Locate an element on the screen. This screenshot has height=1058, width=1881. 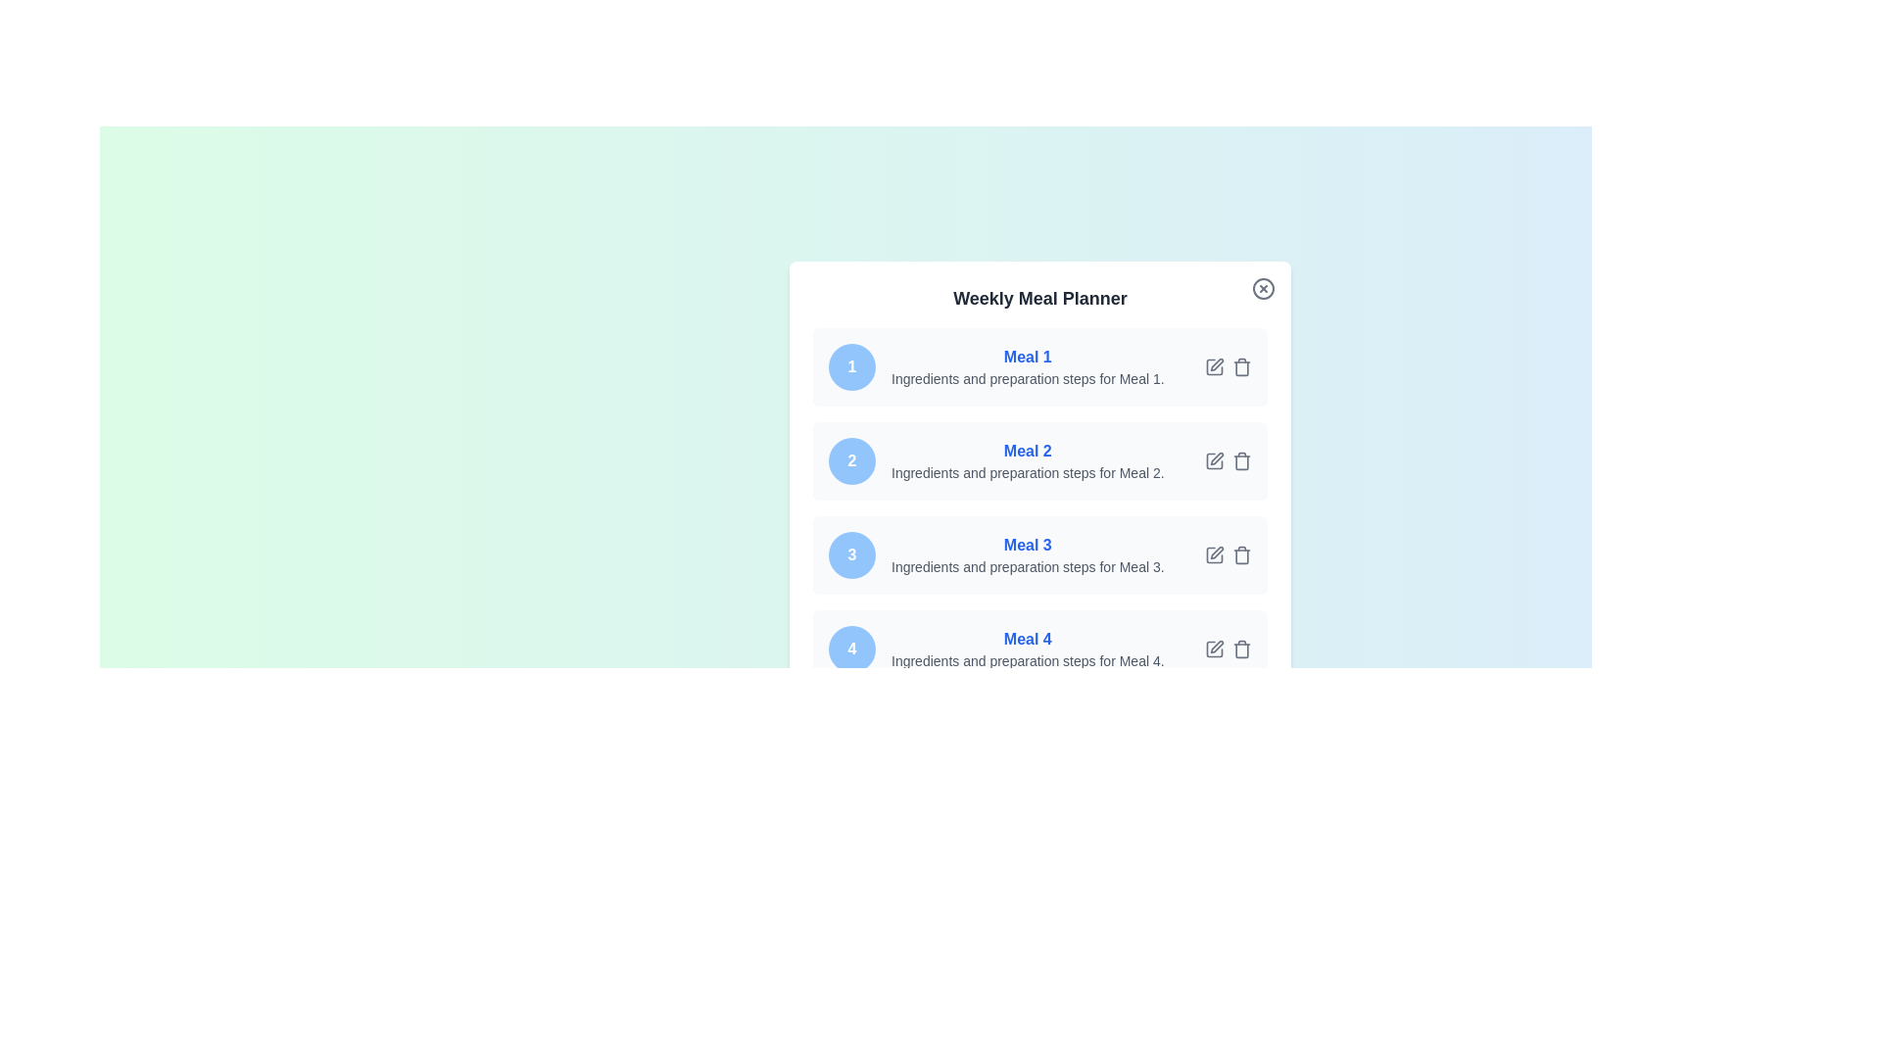
the title of the weekly meal planner to observe its text is located at coordinates (1038, 298).